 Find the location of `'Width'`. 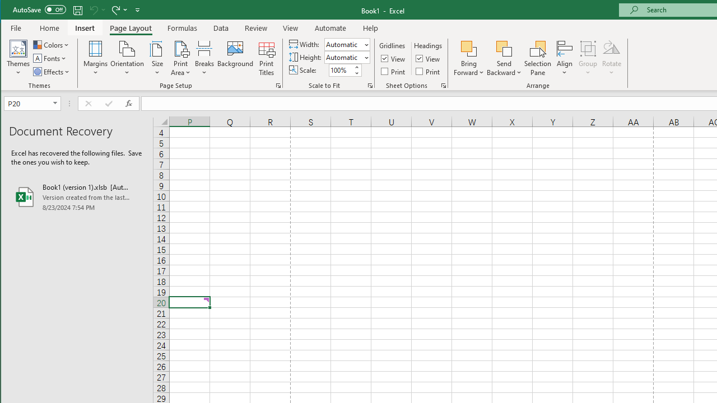

'Width' is located at coordinates (343, 44).